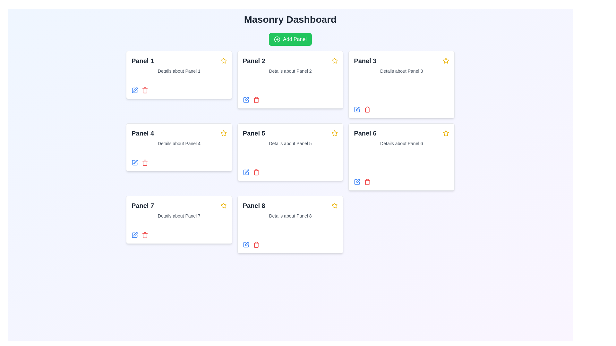 The image size is (616, 346). Describe the element at coordinates (179, 216) in the screenshot. I see `the descriptive Text label located in the center of the 'Panel 7' card in the 'Masonry Dashboard', which provides details about its content` at that location.